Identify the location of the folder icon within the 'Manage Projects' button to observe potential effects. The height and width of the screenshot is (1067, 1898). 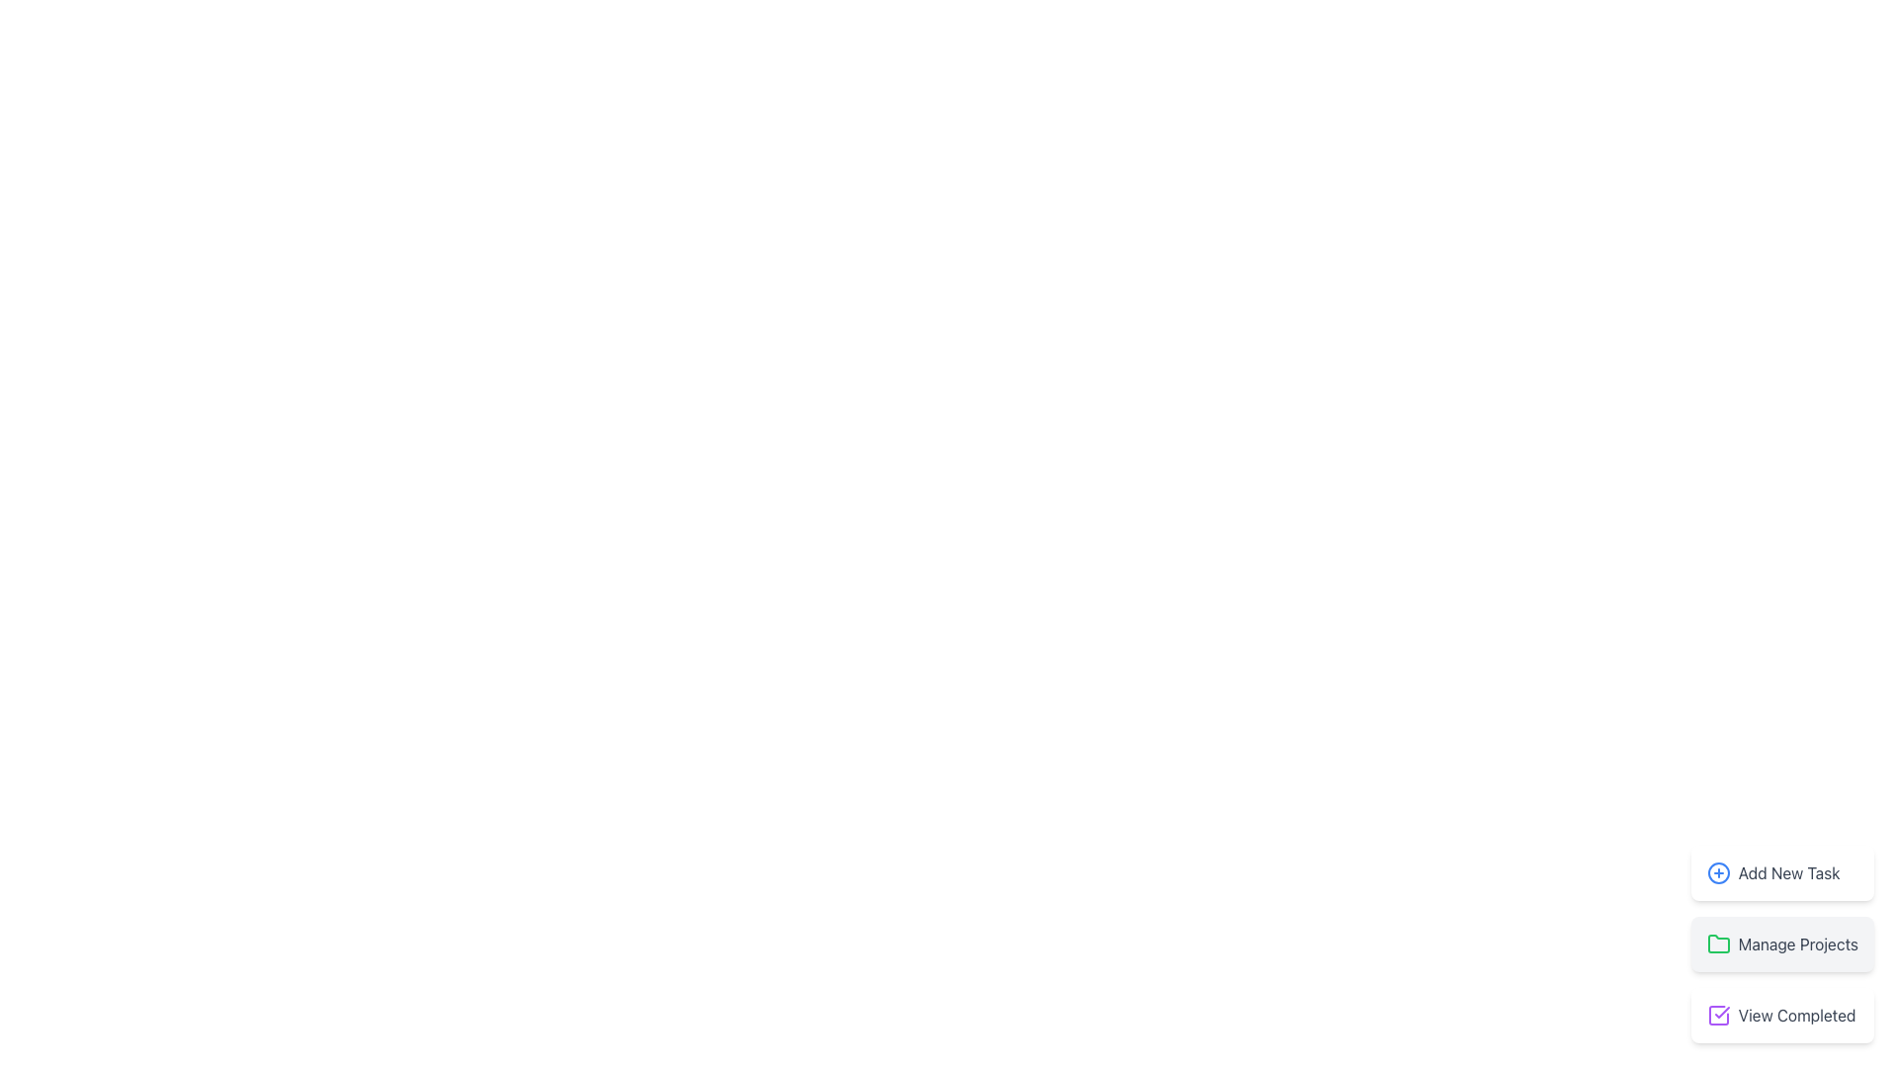
(1717, 943).